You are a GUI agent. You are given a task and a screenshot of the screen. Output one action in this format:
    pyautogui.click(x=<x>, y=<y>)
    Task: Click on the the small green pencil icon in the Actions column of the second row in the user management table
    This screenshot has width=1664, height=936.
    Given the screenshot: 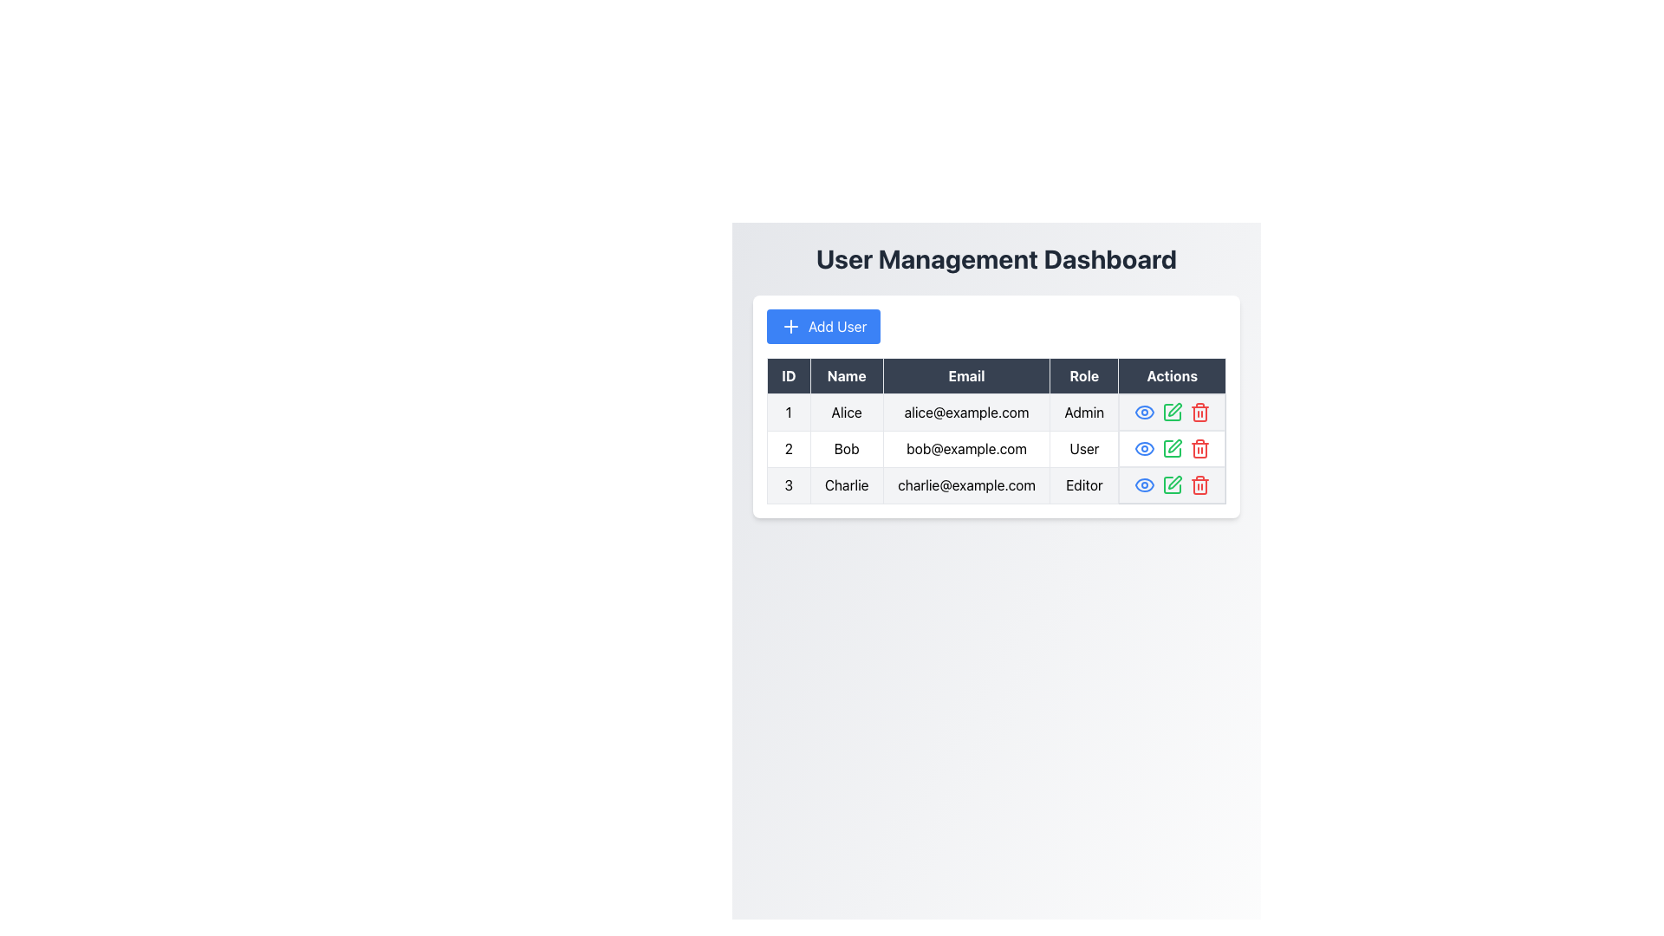 What is the action you would take?
    pyautogui.click(x=1172, y=447)
    